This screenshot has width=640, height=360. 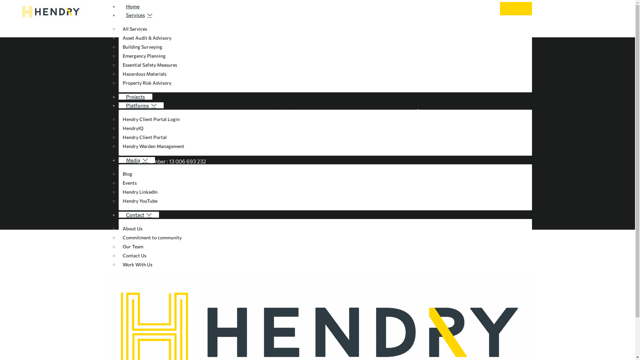 I want to click on 'Emergency Planning', so click(x=144, y=55).